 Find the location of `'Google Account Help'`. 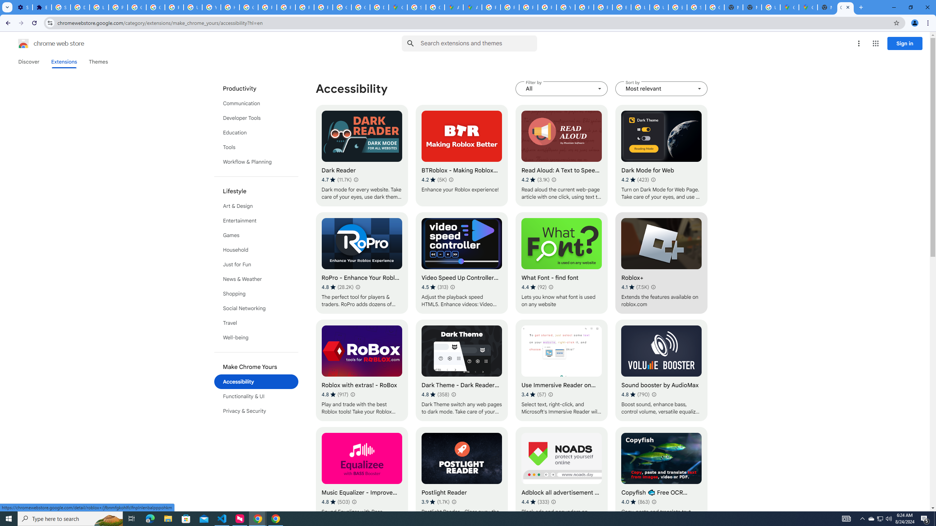

'Google Account Help' is located at coordinates (137, 7).